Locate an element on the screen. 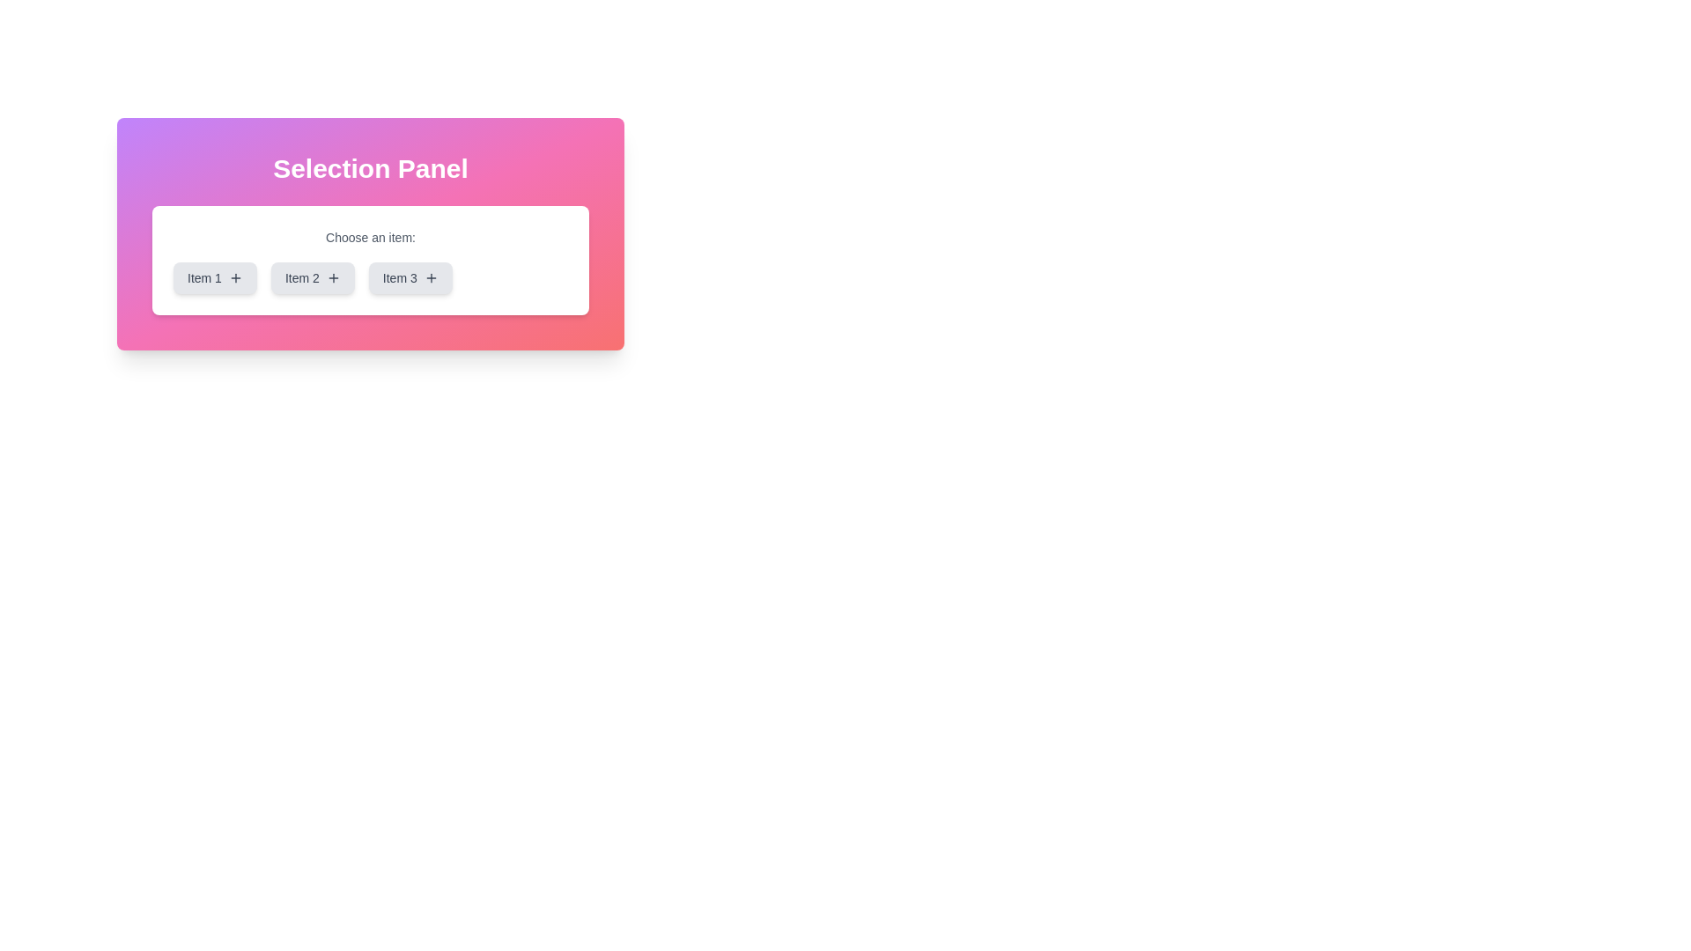 This screenshot has width=1691, height=951. the interactive button labeled 'Item 1' located below the title 'Choose an item:' is located at coordinates (214, 277).